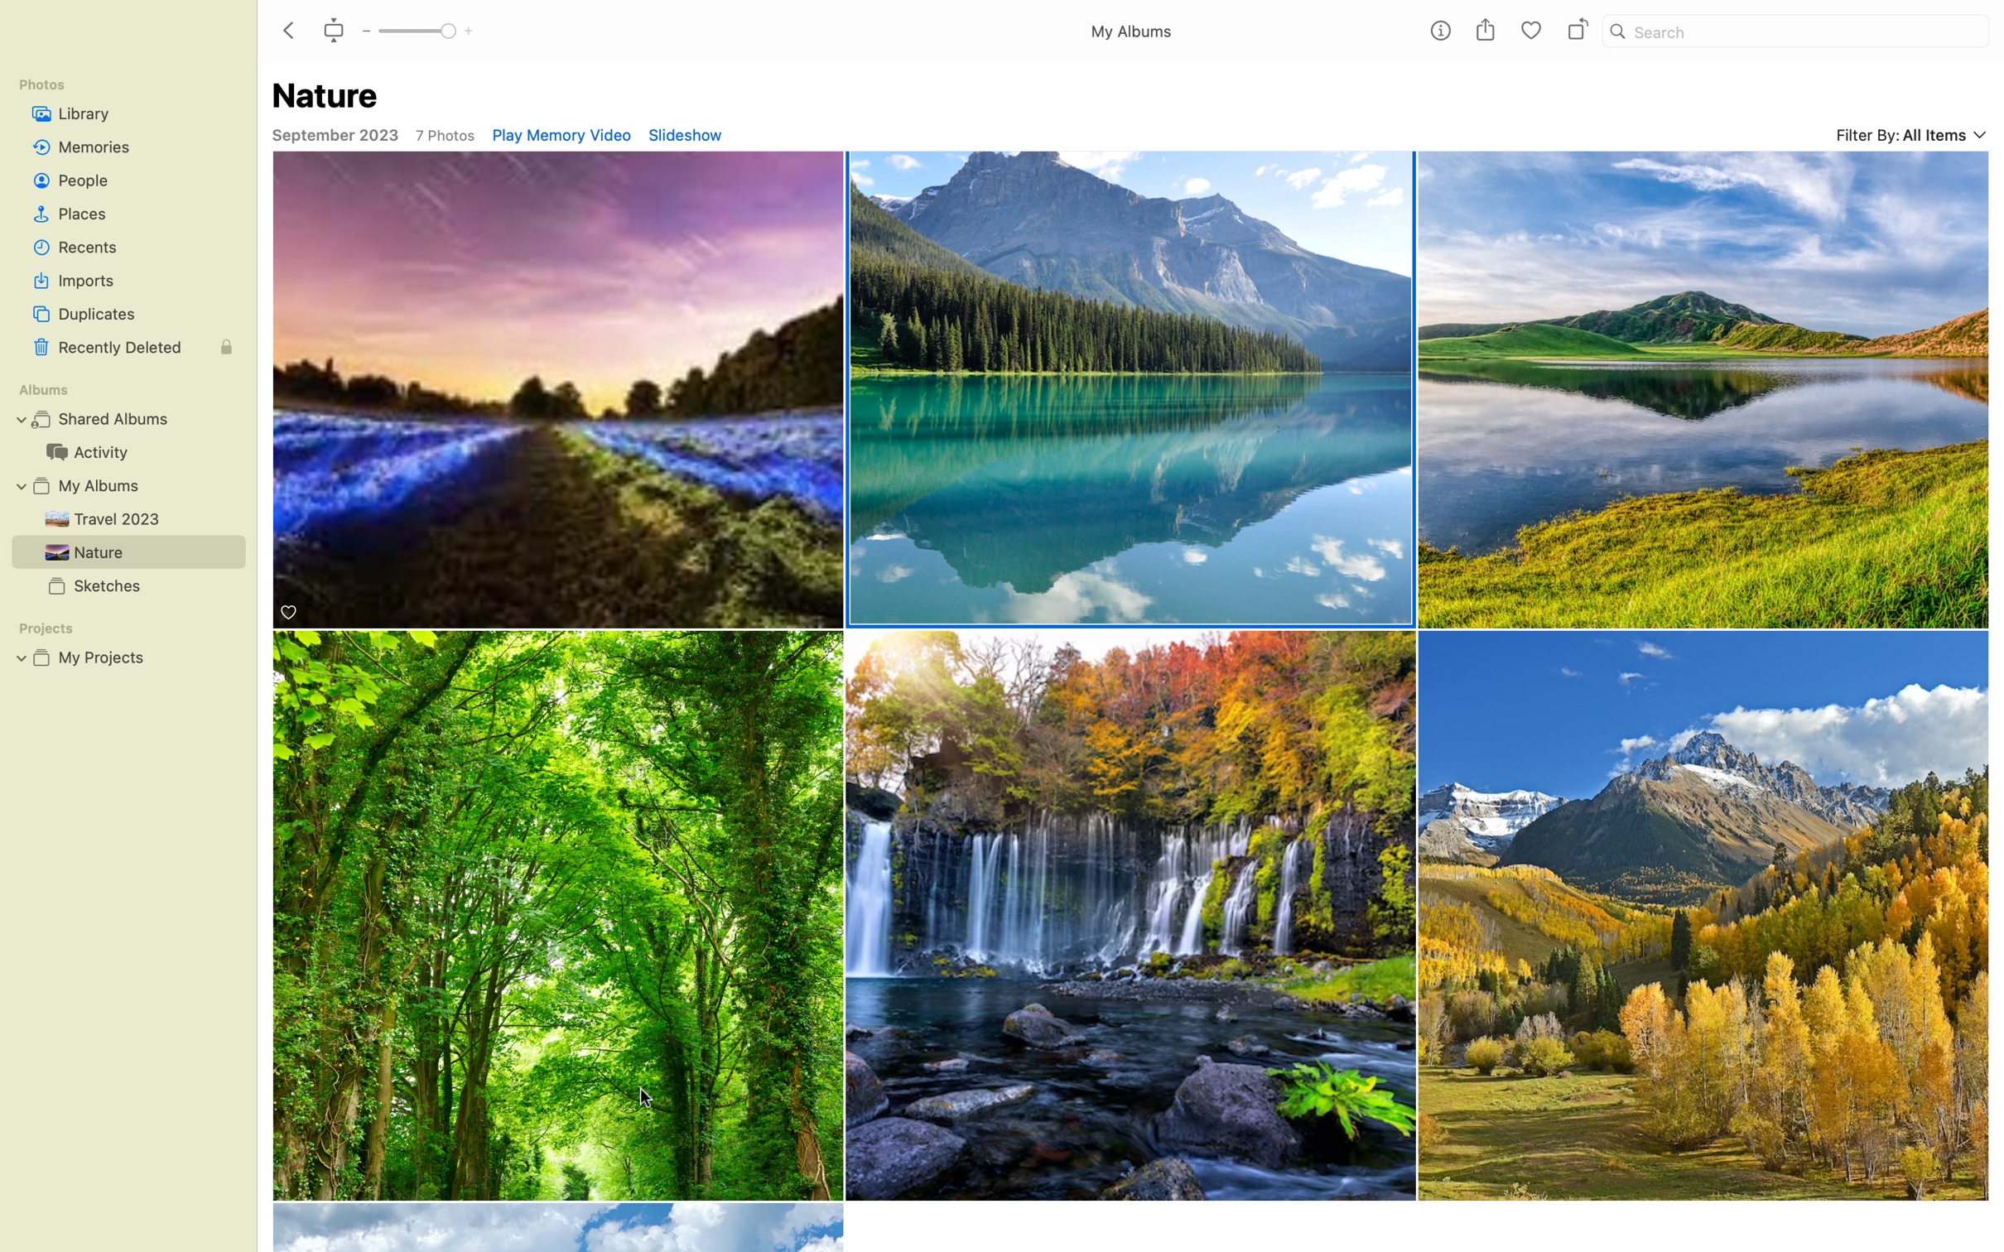  What do you see at coordinates (558, 391) in the screenshot?
I see `Expand the picture with bioluminescence by clicking on it` at bounding box center [558, 391].